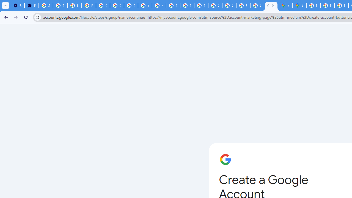  I want to click on 'Extensions', so click(31, 5).